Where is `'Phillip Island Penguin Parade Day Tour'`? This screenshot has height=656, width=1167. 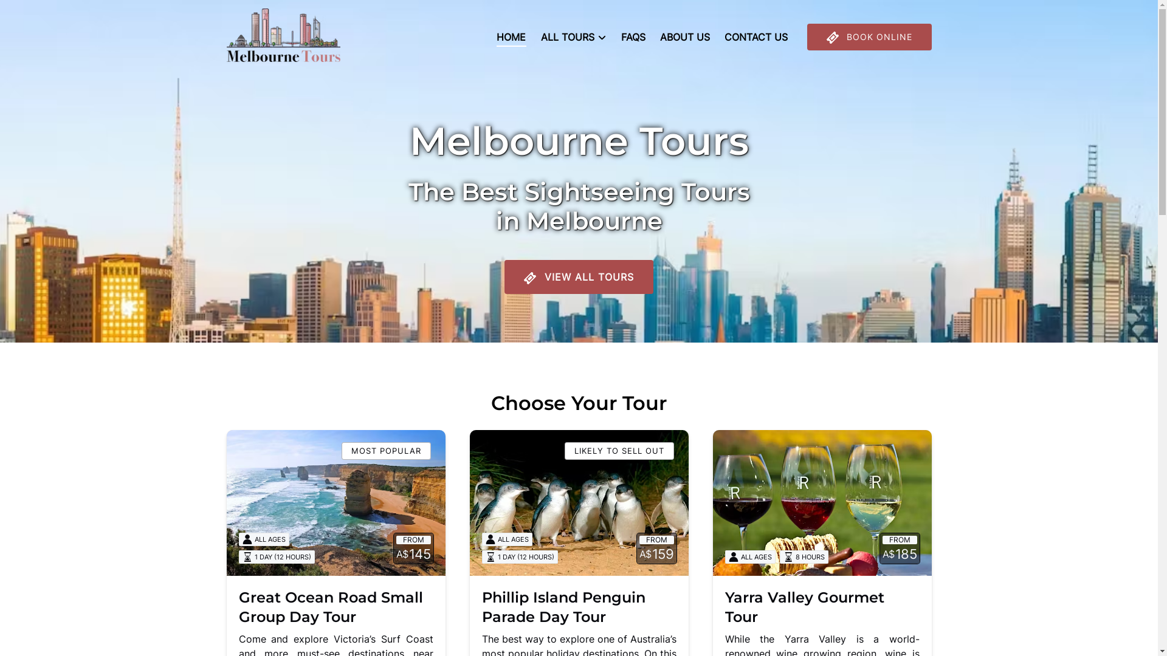 'Phillip Island Penguin Parade Day Tour' is located at coordinates (562, 607).